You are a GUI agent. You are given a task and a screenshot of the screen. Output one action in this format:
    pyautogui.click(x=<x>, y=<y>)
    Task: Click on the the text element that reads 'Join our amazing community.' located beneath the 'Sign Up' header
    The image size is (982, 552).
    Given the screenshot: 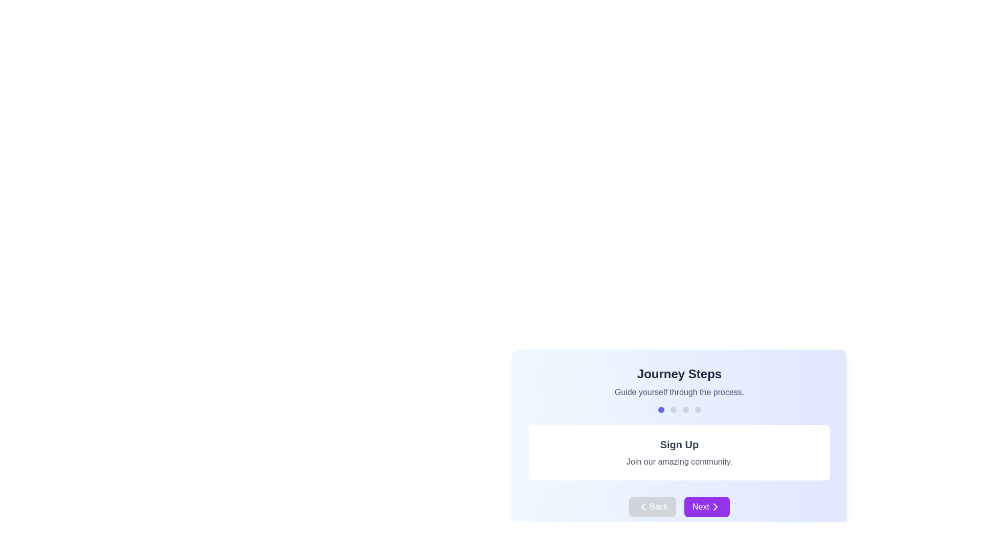 What is the action you would take?
    pyautogui.click(x=679, y=462)
    